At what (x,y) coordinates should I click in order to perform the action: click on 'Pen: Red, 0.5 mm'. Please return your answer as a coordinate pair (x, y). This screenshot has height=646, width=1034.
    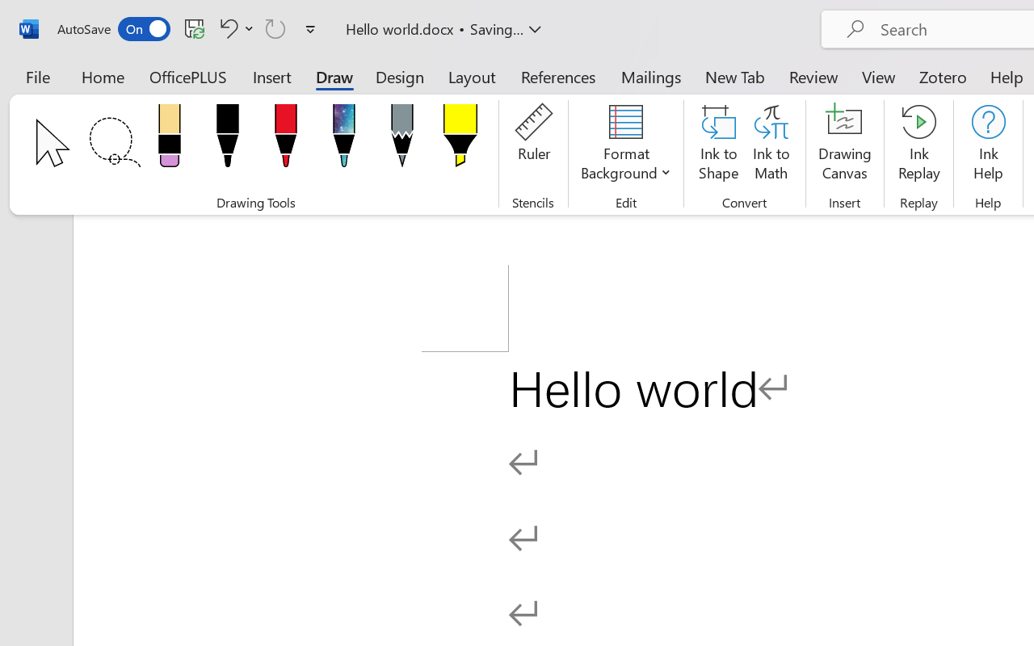
    Looking at the image, I should click on (285, 140).